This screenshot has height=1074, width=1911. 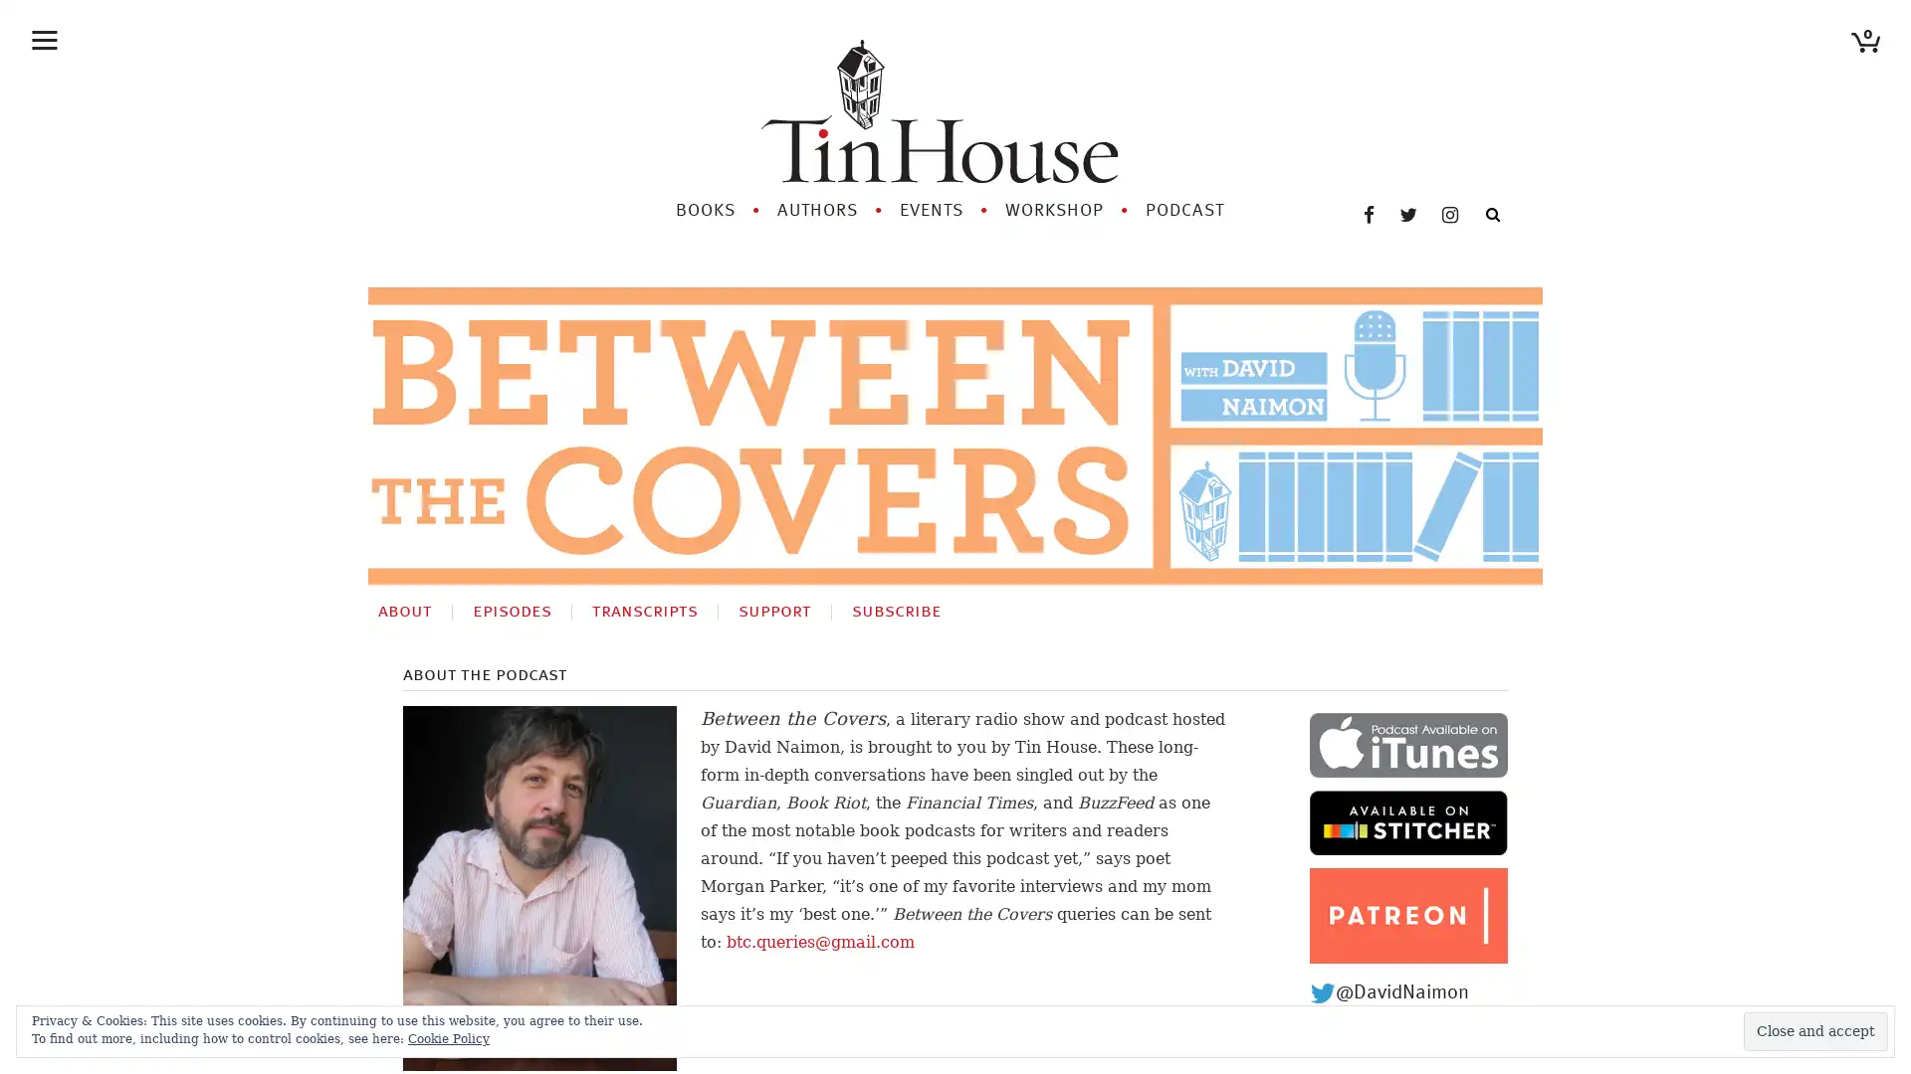 What do you see at coordinates (1815, 1030) in the screenshot?
I see `Close and accept` at bounding box center [1815, 1030].